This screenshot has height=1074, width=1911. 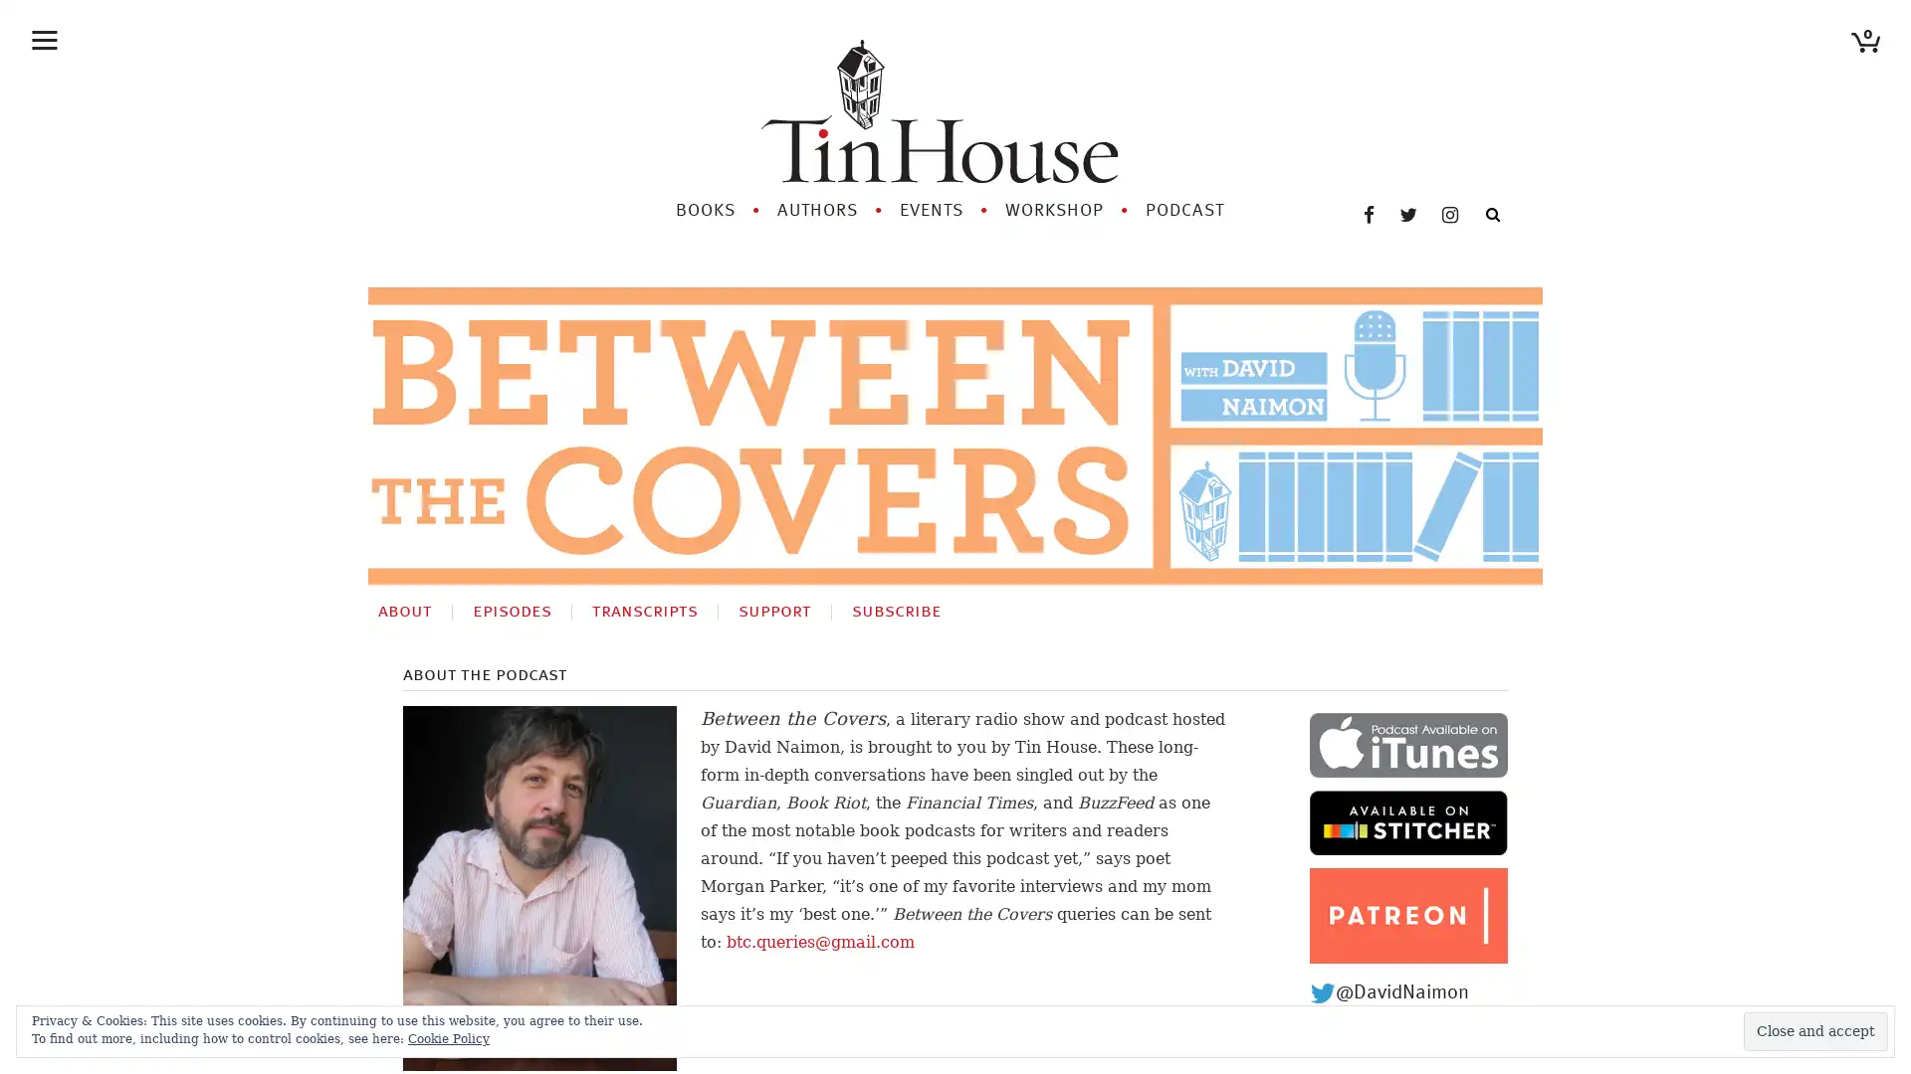 What do you see at coordinates (1815, 1030) in the screenshot?
I see `Close and accept` at bounding box center [1815, 1030].